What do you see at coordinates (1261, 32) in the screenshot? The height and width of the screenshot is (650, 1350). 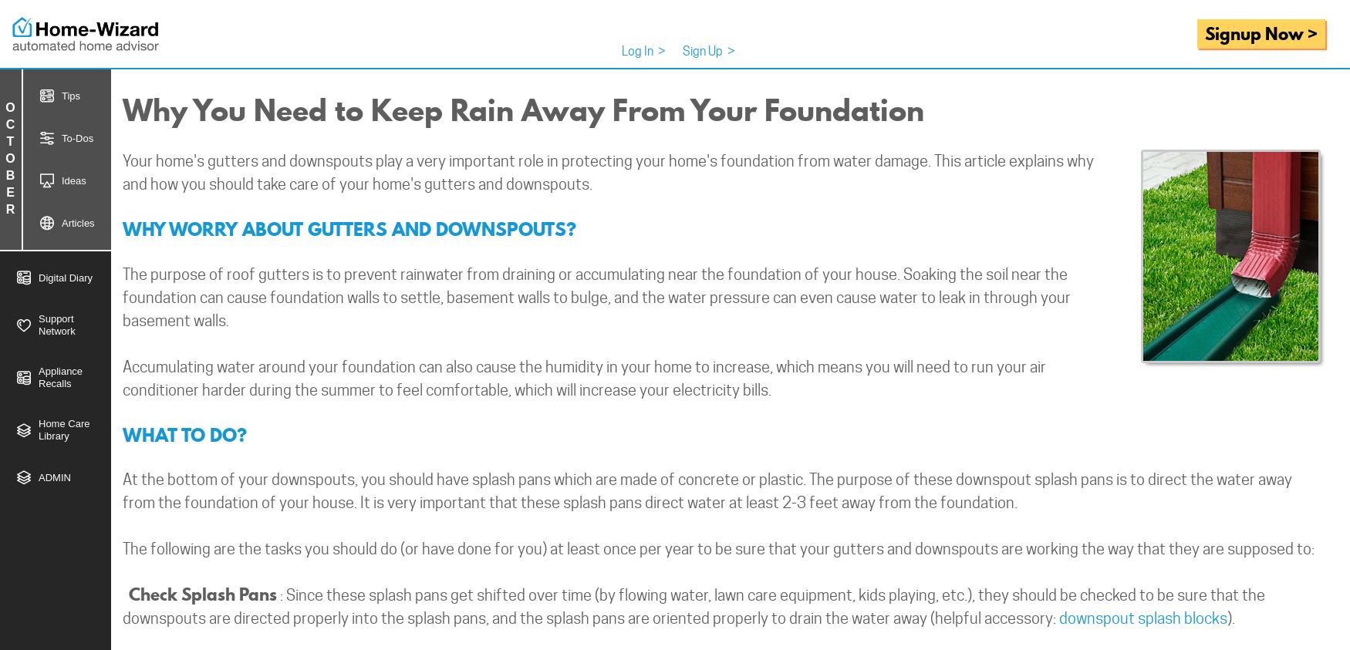 I see `'Signup Now >'` at bounding box center [1261, 32].